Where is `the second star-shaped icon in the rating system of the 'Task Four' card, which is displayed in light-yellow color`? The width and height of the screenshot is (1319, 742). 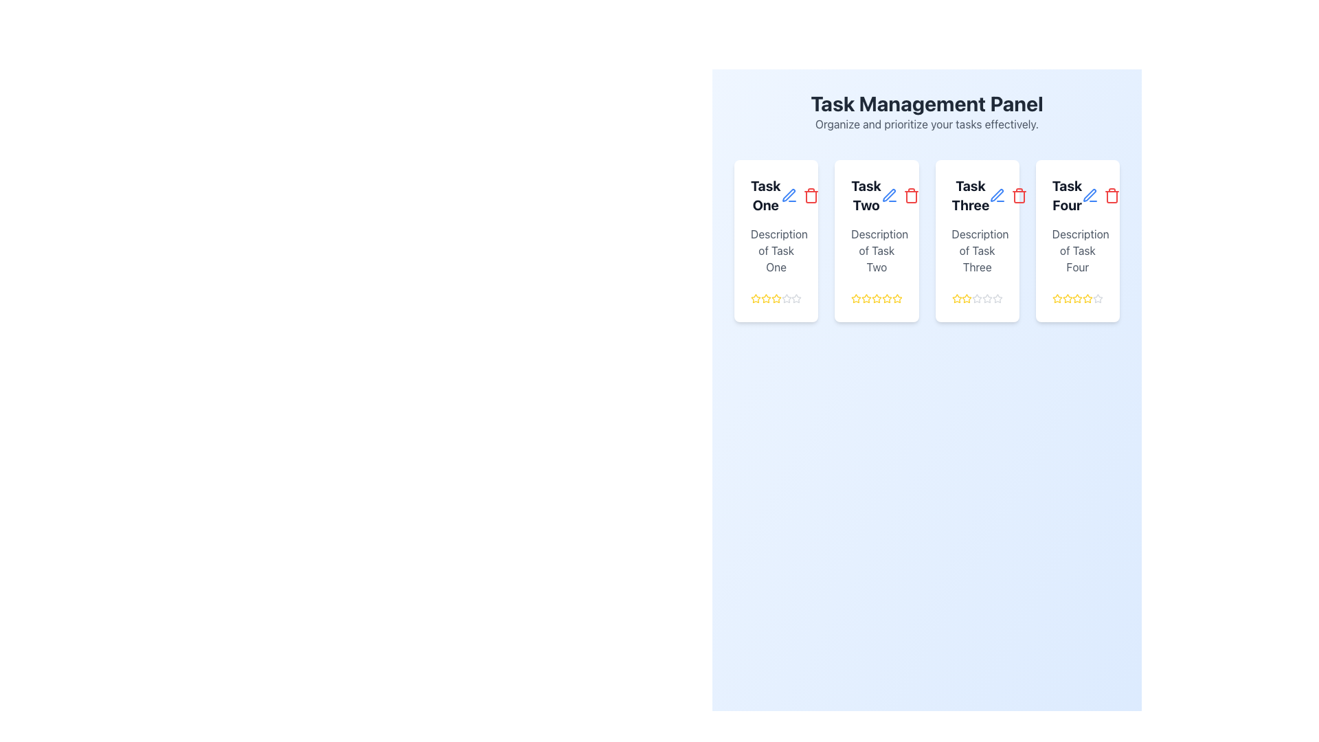
the second star-shaped icon in the rating system of the 'Task Four' card, which is displayed in light-yellow color is located at coordinates (1067, 298).